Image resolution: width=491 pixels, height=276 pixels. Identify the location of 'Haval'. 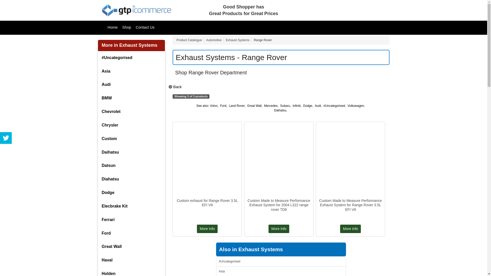
(98, 260).